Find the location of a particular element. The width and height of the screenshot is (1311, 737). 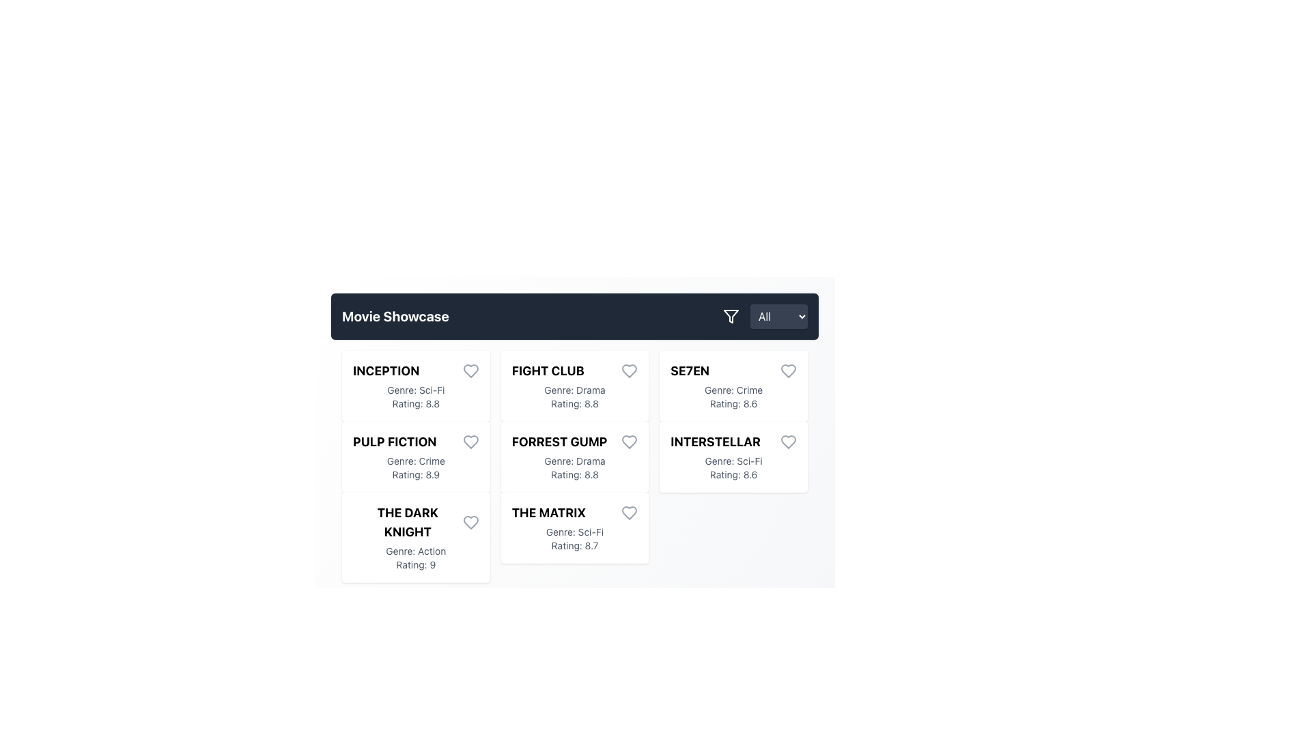

the heart icon located at the top right of the movie 'Inception' card, which is styled as a line drawing and has a symmetrical shape is located at coordinates (470, 371).